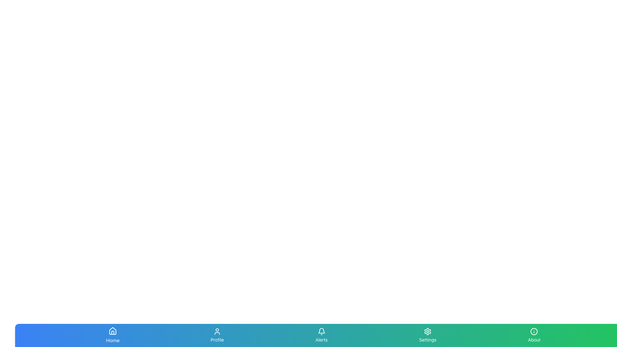 The image size is (617, 347). What do you see at coordinates (113, 335) in the screenshot?
I see `the 'Home' button with a house icon located in the bottom navigation bar` at bounding box center [113, 335].